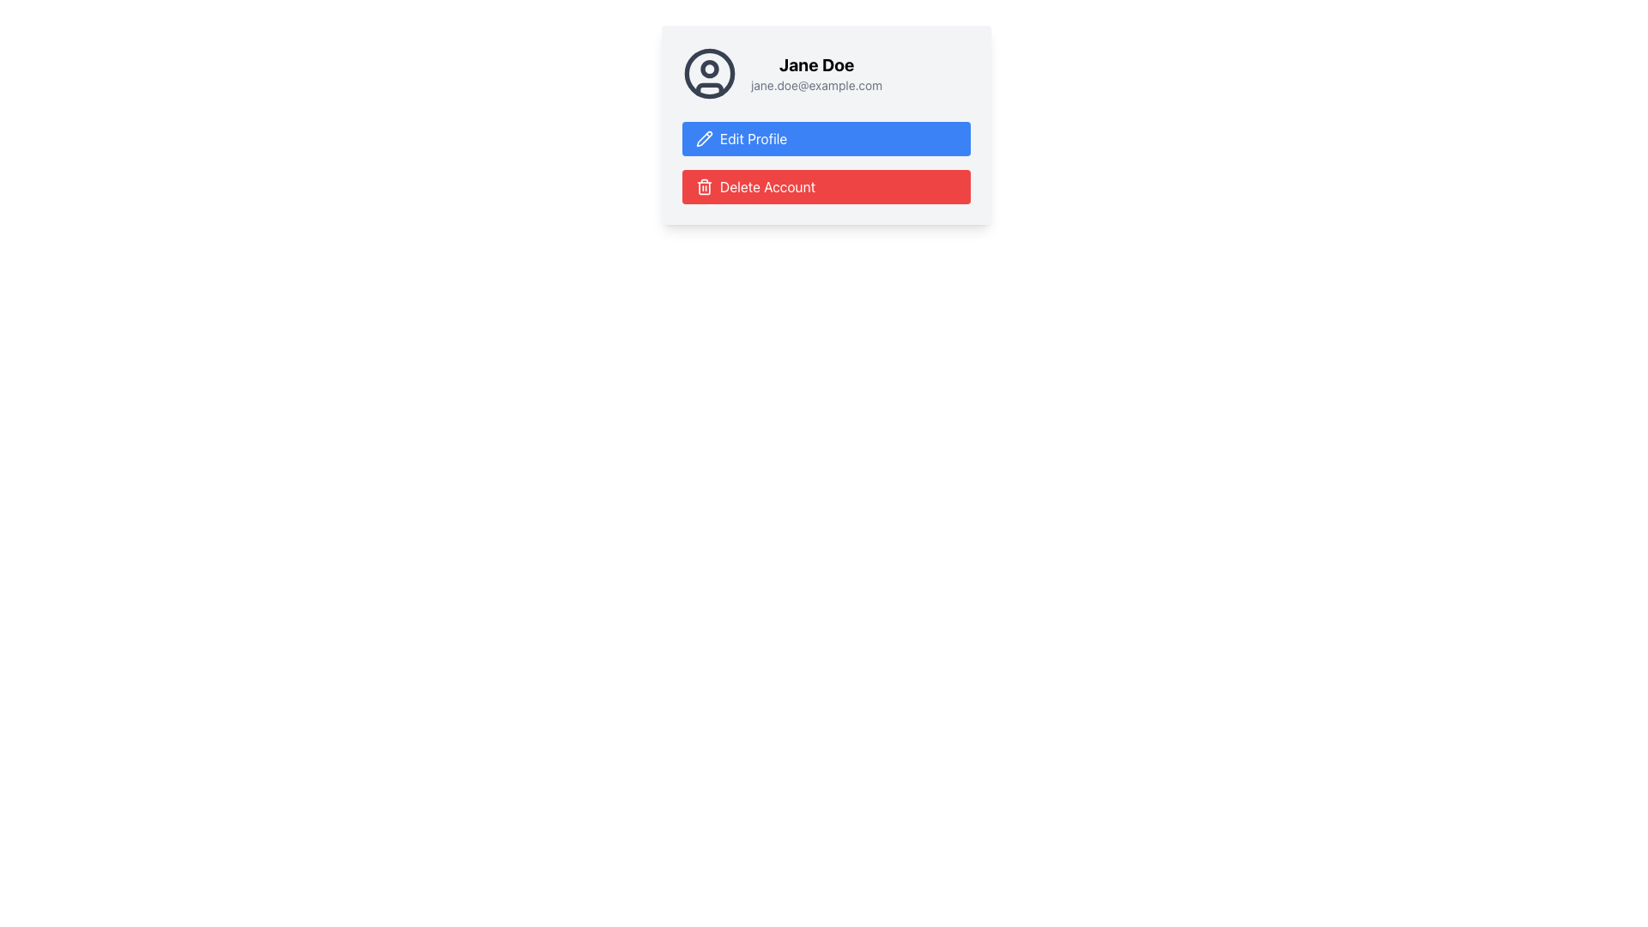  Describe the element at coordinates (827, 124) in the screenshot. I see `the profile edit button, which is the first button in a vertically aligned card layout, located above the 'Delete Account' button with a red background` at that location.